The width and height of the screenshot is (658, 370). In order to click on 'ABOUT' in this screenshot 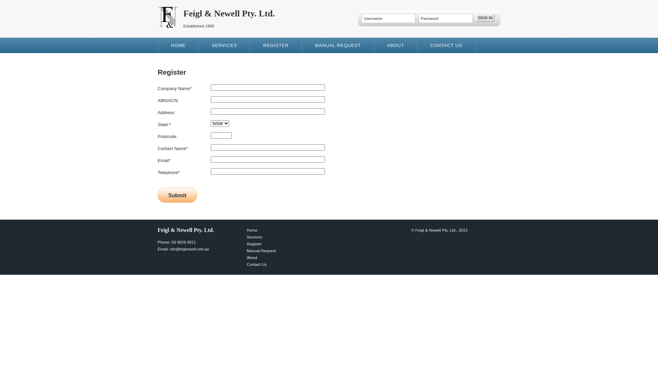, I will do `click(396, 45)`.